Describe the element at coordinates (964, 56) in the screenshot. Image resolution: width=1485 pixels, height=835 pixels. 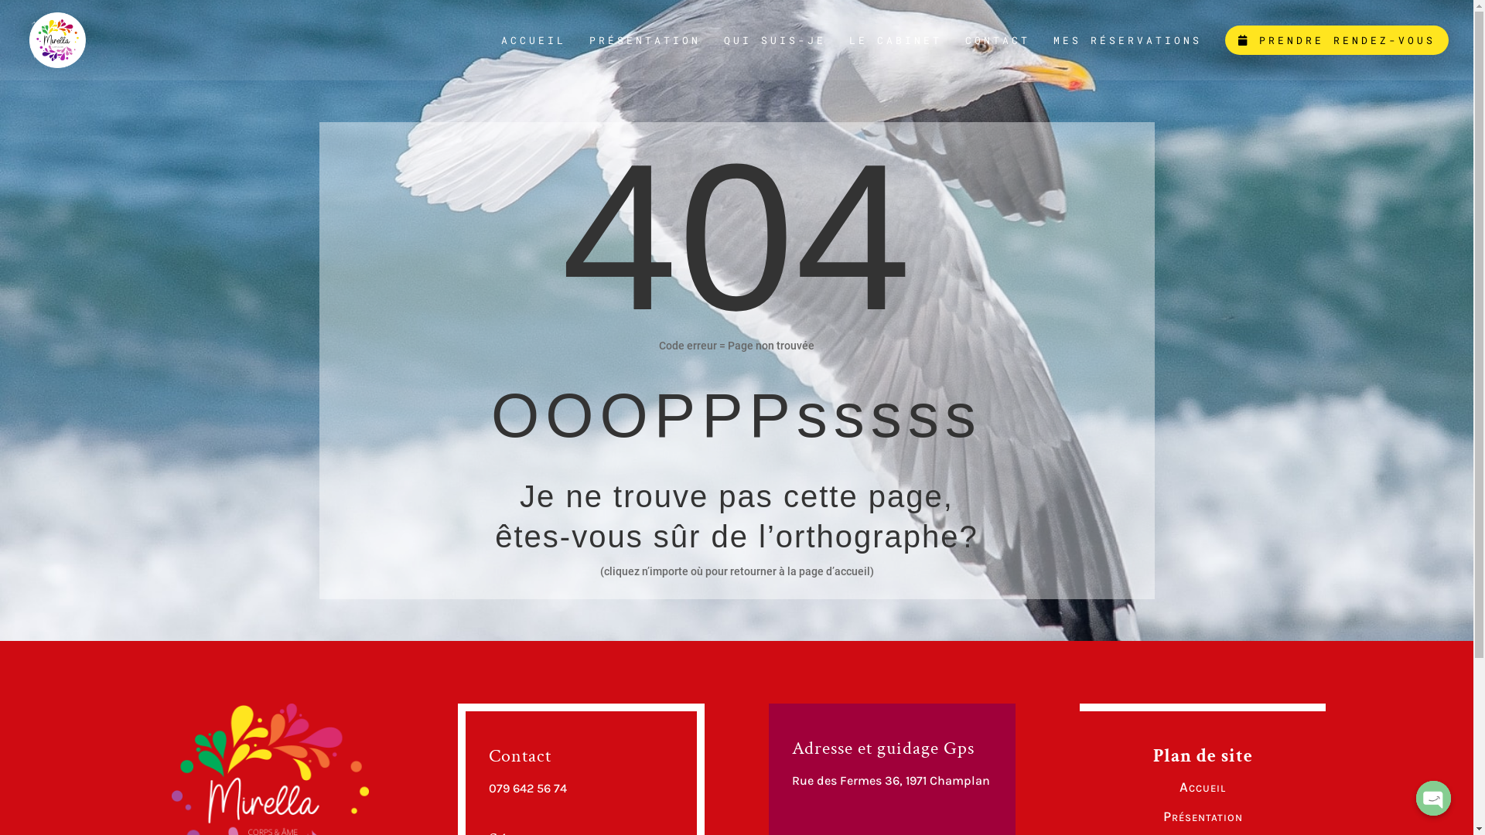
I see `'CONTACT'` at that location.